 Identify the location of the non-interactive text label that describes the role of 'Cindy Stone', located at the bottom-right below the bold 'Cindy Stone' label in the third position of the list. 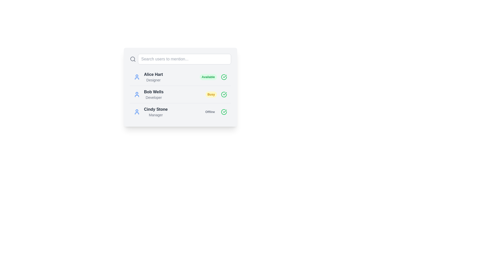
(155, 115).